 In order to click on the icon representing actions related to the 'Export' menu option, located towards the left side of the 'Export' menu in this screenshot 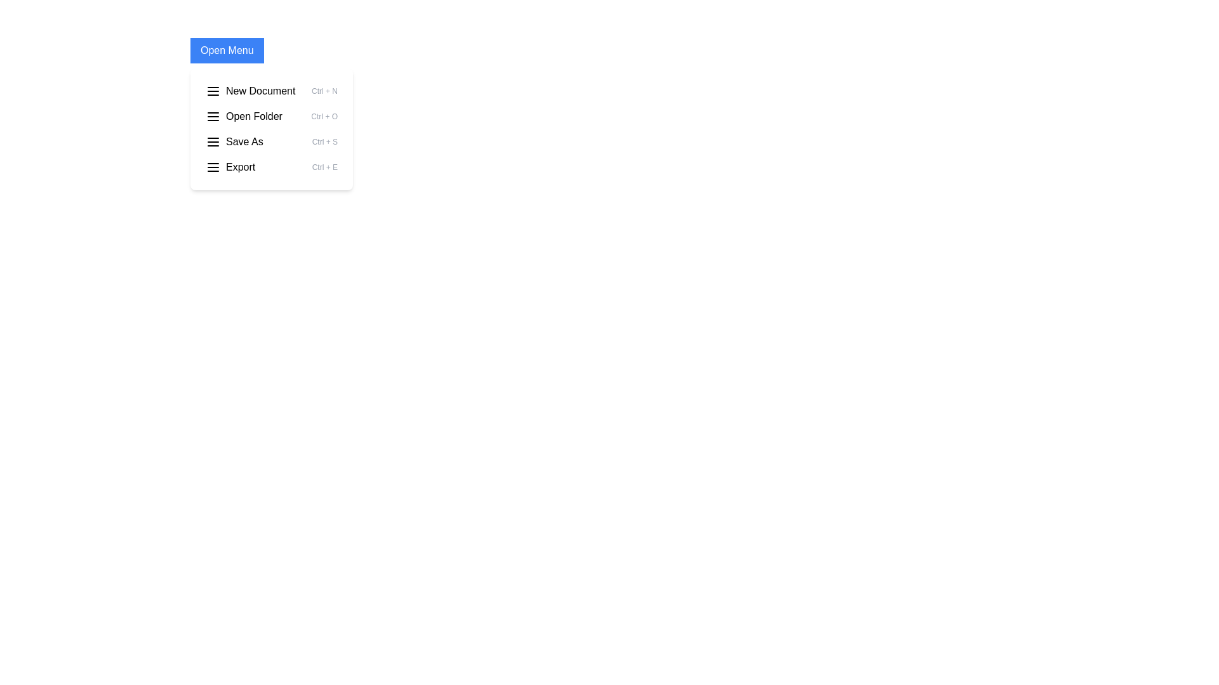, I will do `click(213, 166)`.